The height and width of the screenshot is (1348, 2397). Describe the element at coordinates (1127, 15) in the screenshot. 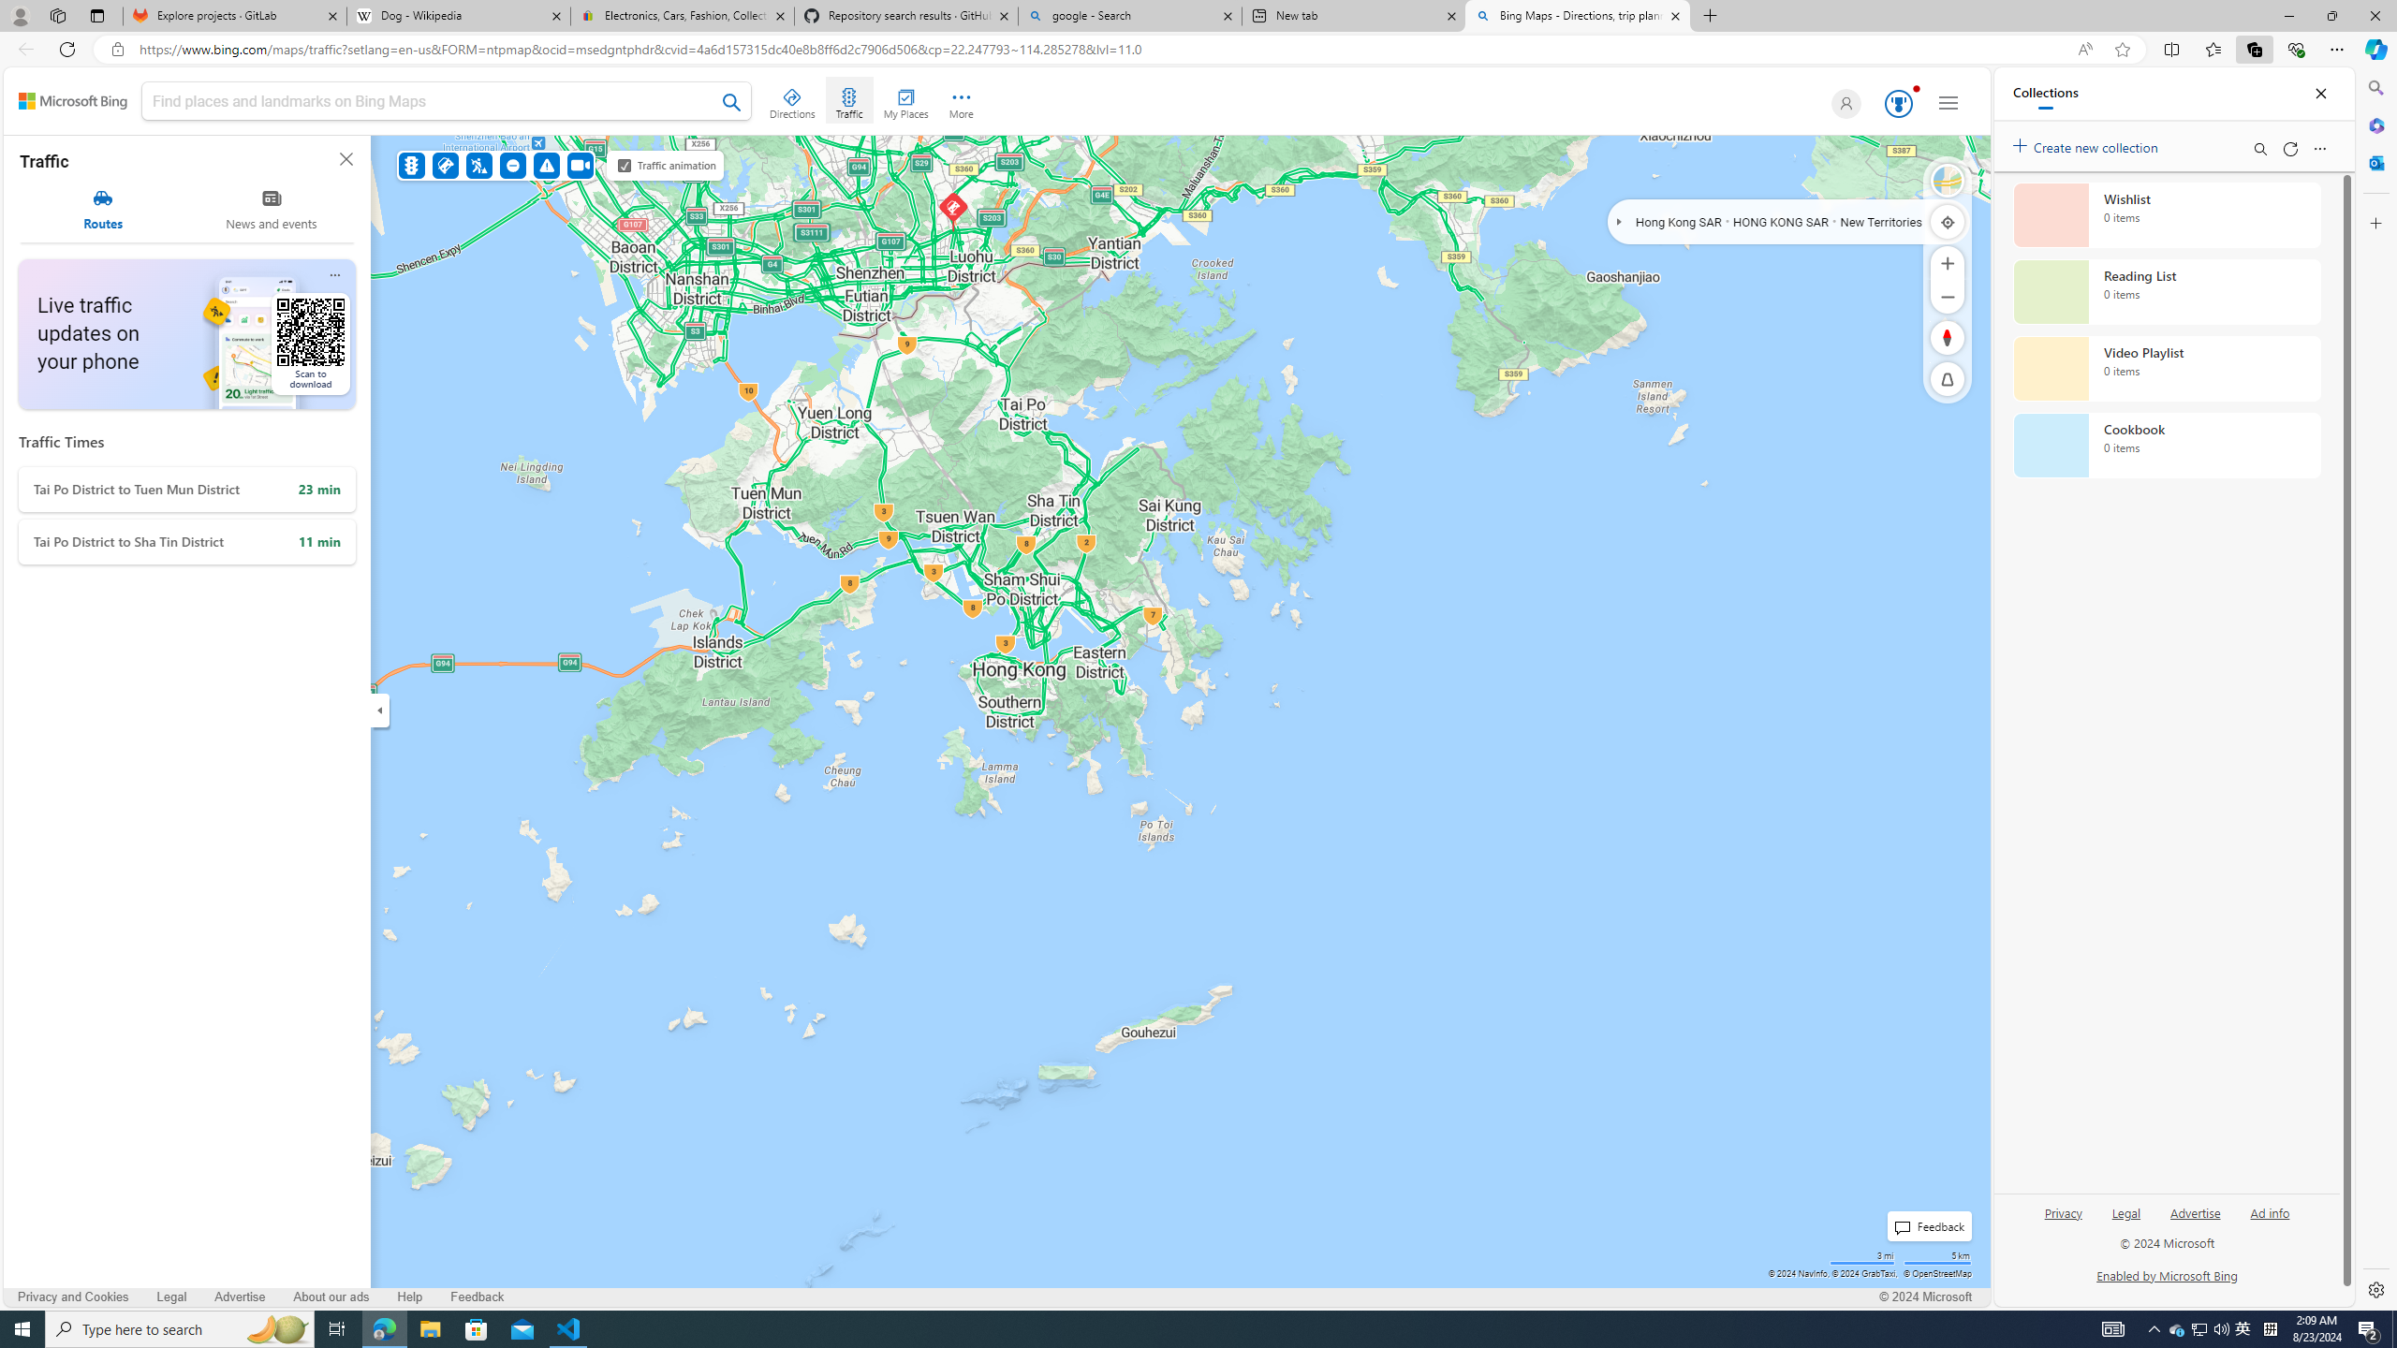

I see `'google - Search'` at that location.